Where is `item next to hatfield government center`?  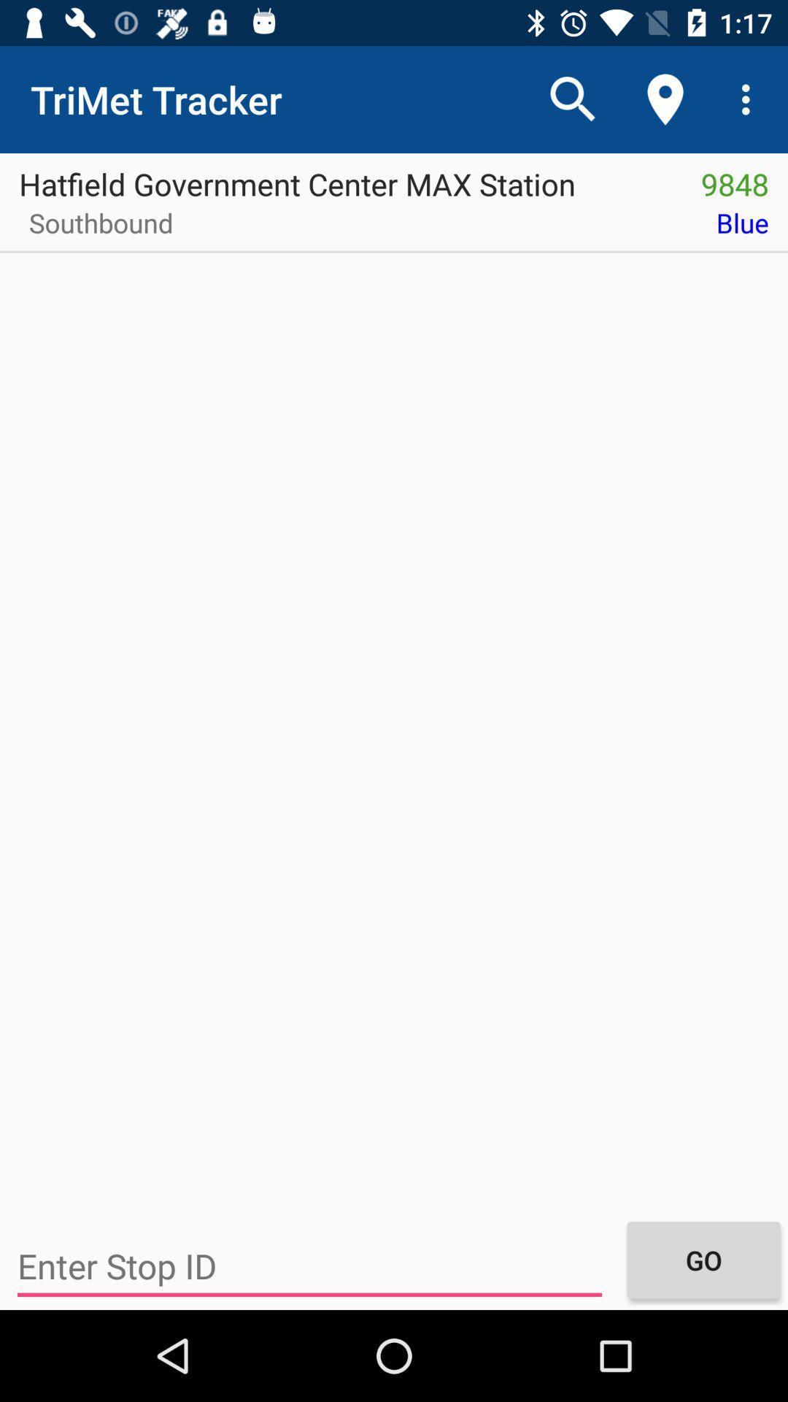
item next to hatfield government center is located at coordinates (735, 178).